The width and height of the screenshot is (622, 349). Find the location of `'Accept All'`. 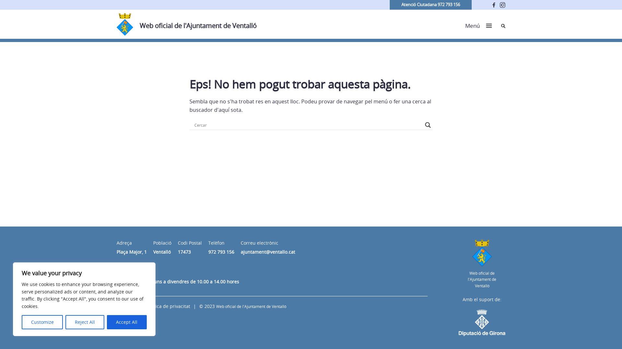

'Accept All' is located at coordinates (127, 322).